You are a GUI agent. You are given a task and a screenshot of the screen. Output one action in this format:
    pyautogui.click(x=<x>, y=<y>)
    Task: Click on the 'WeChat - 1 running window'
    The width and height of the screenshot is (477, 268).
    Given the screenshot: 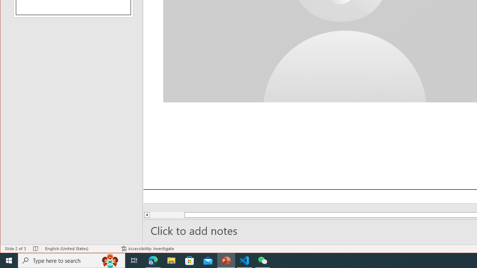 What is the action you would take?
    pyautogui.click(x=263, y=260)
    